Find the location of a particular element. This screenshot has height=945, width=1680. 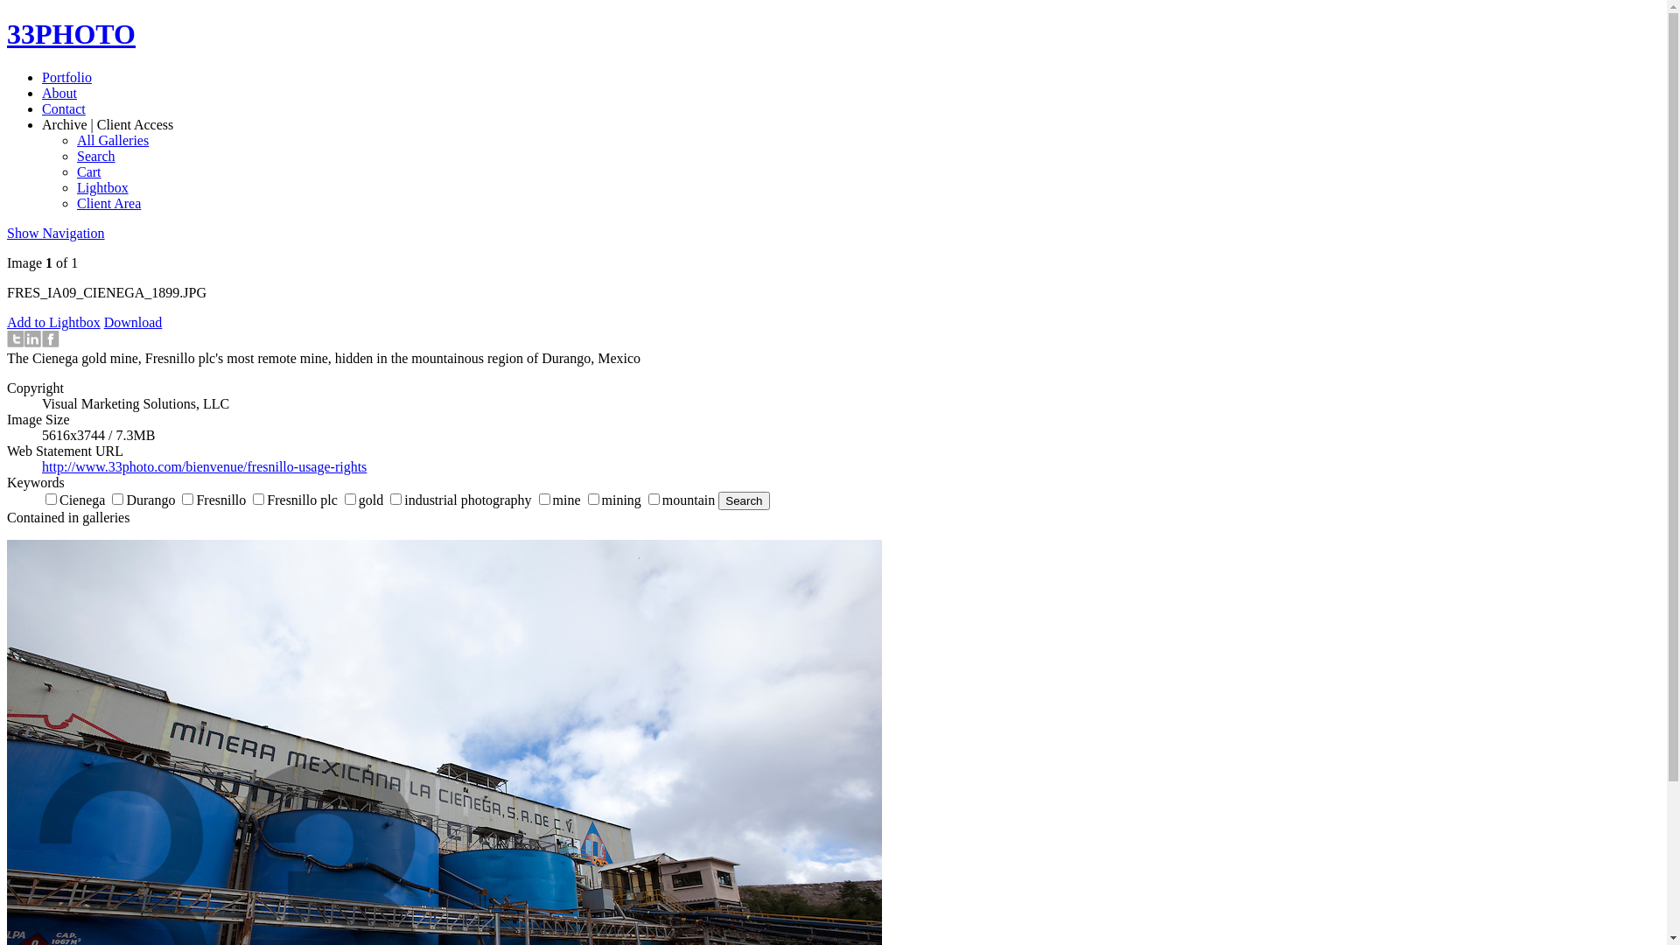

'Search' is located at coordinates (95, 155).